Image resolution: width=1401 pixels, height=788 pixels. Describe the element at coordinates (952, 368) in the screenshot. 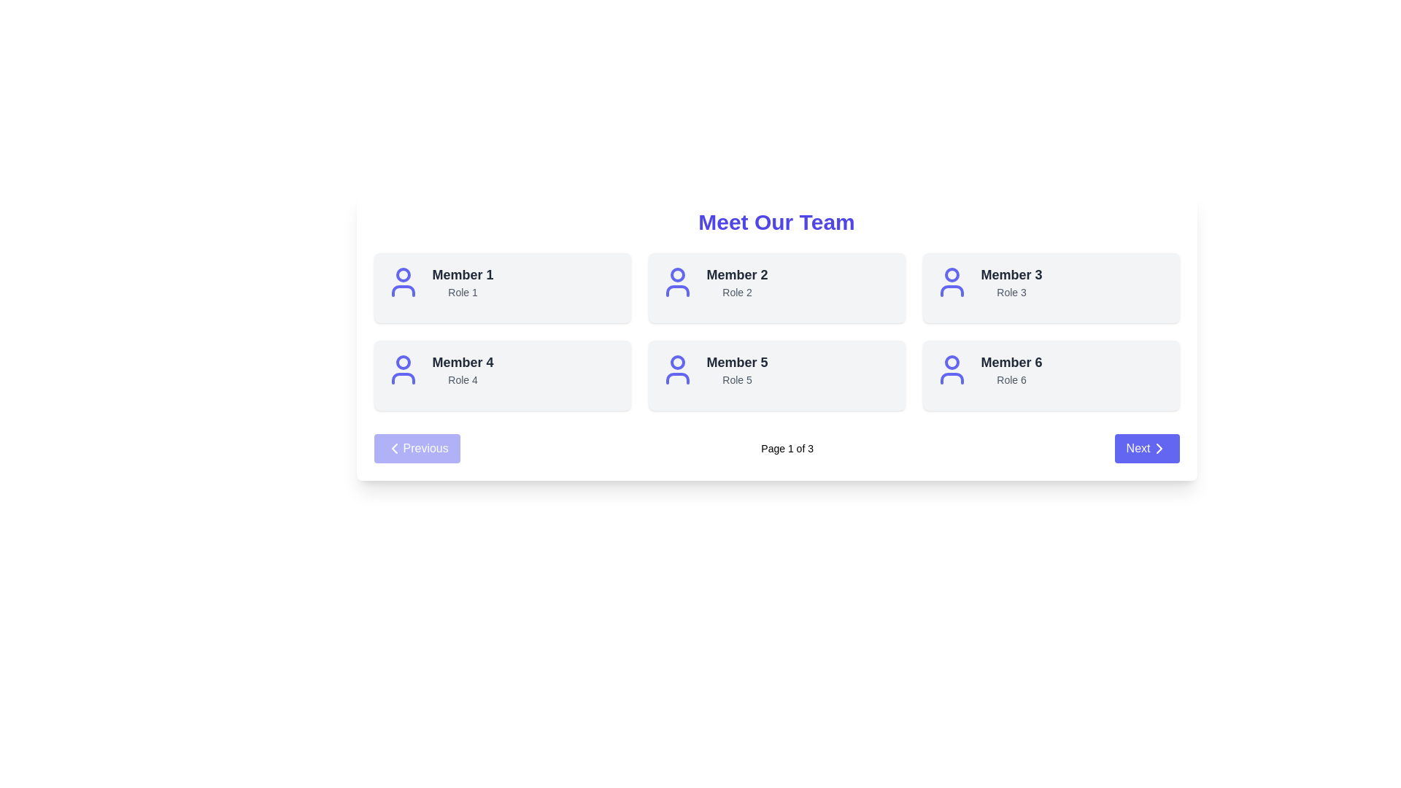

I see `the decorative user profile icon for 'Member 6', located at the lower right corner of the user grid, adjacent to the text 'Member 6 Role 6'` at that location.